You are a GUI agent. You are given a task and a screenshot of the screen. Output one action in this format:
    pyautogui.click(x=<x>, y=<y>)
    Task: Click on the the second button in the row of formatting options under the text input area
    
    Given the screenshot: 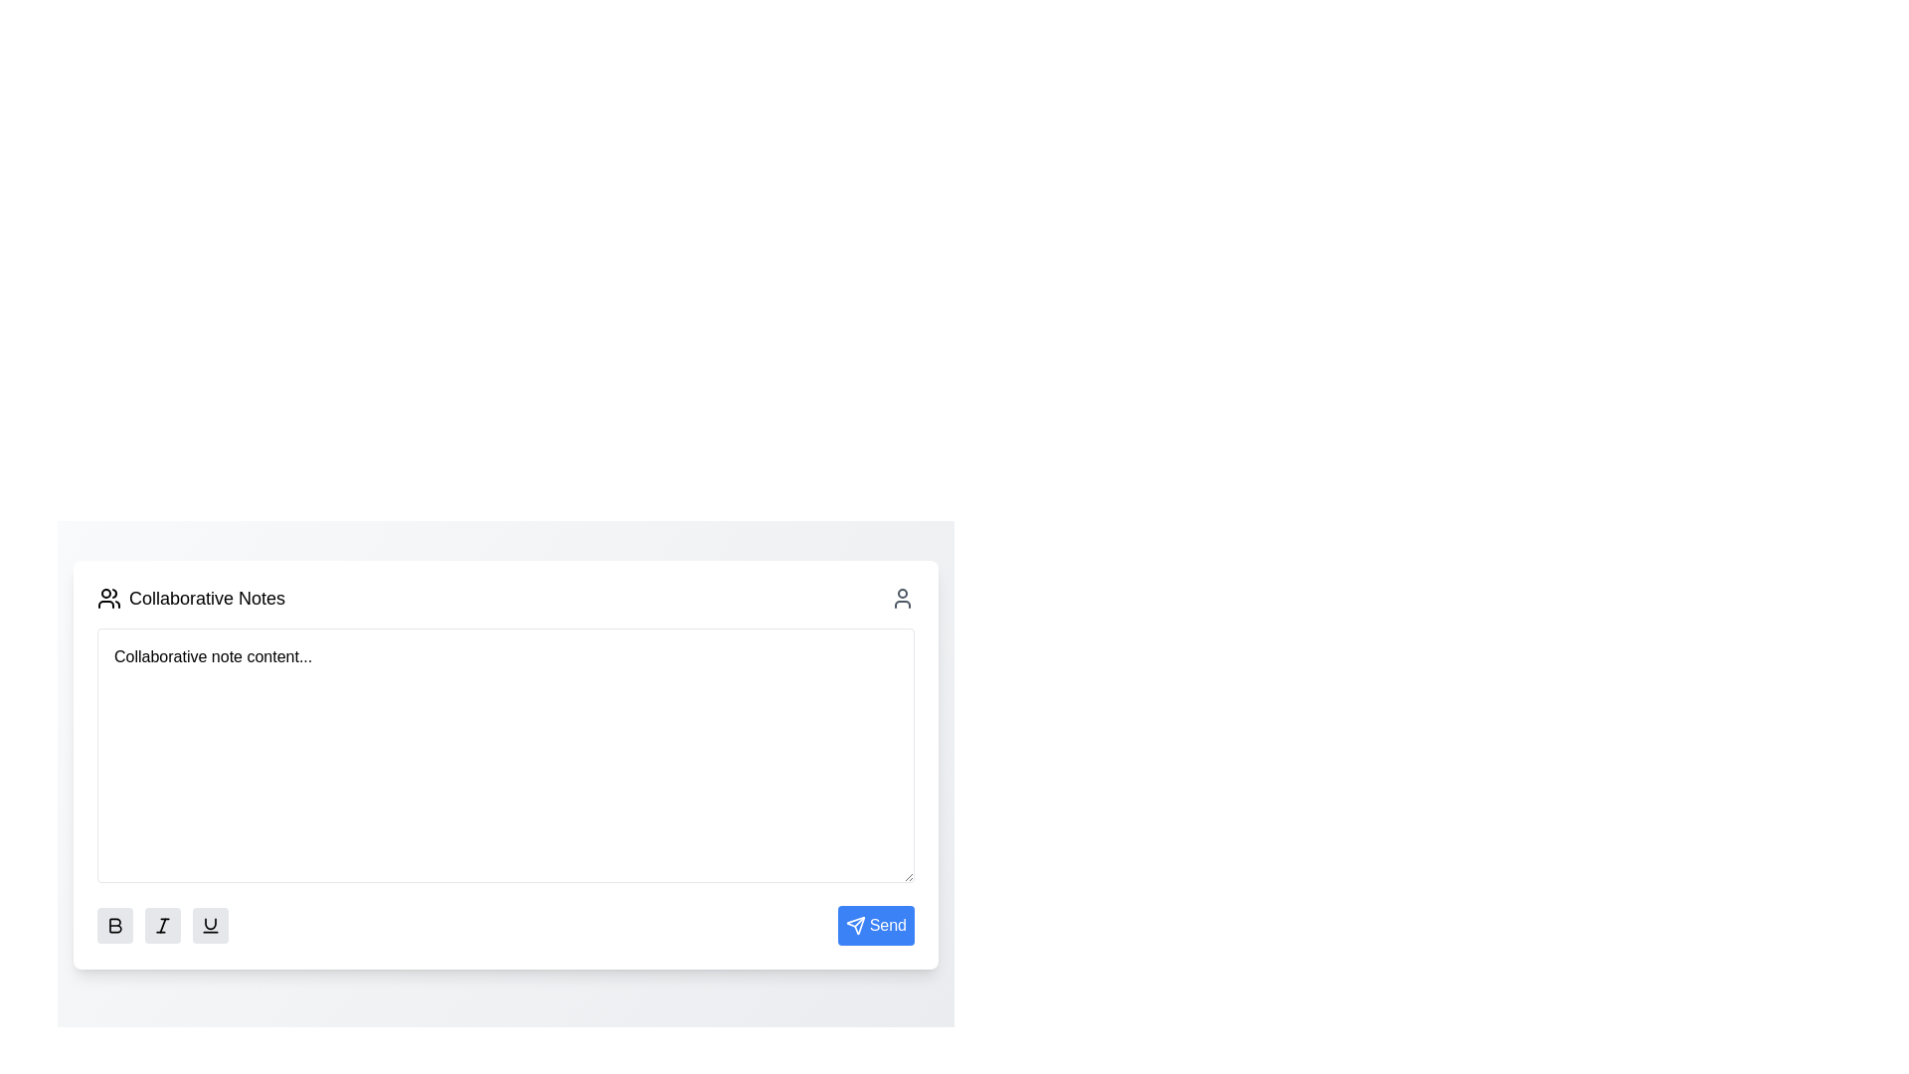 What is the action you would take?
    pyautogui.click(x=162, y=925)
    